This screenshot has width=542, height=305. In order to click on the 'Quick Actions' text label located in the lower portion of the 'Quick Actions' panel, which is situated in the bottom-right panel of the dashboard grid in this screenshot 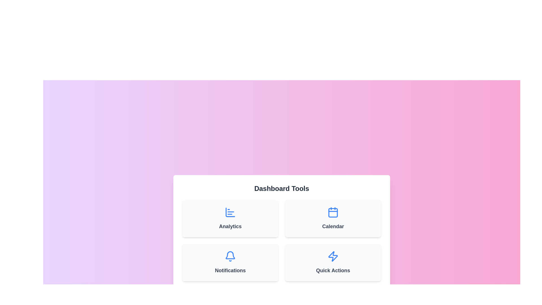, I will do `click(333, 270)`.